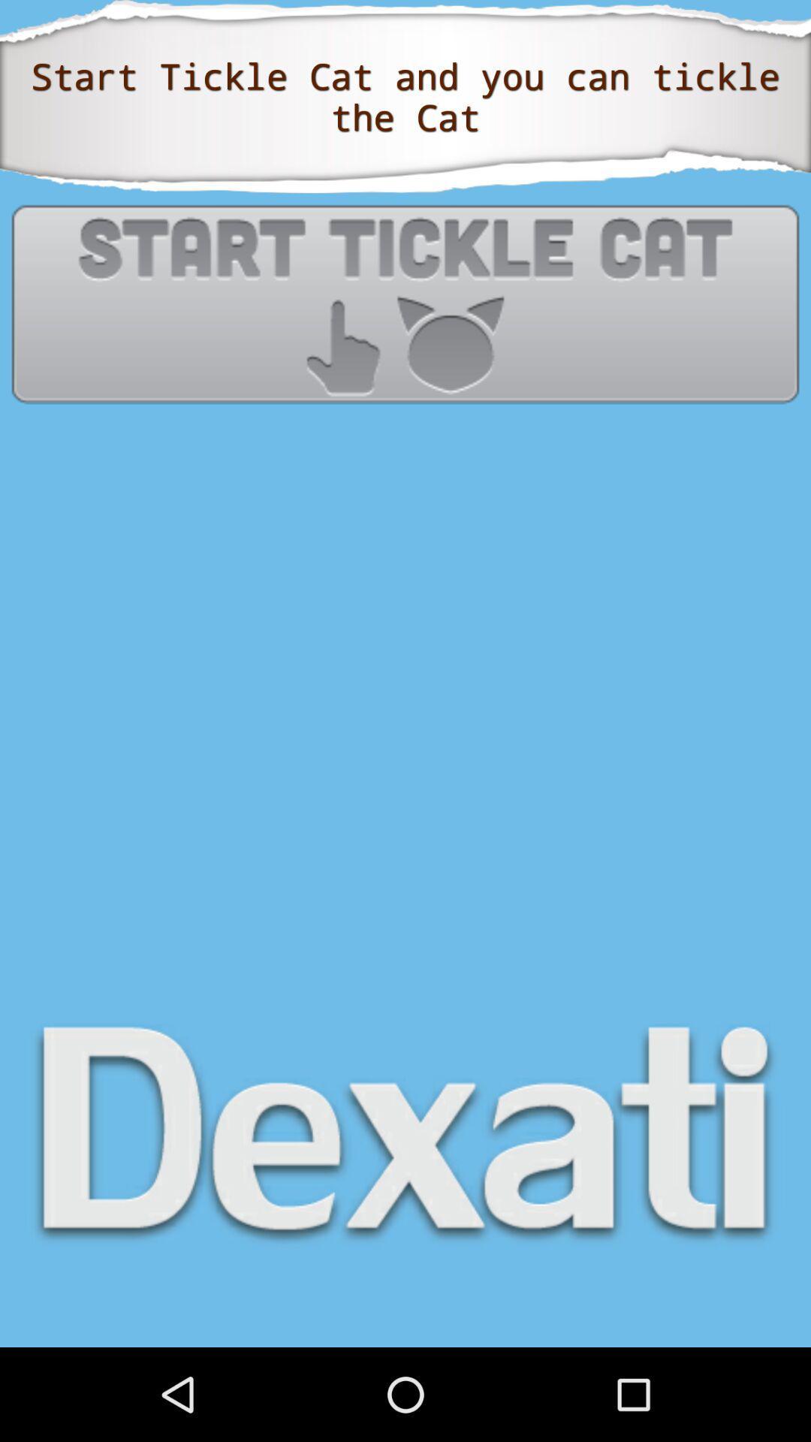 The width and height of the screenshot is (811, 1442). Describe the element at coordinates (405, 303) in the screenshot. I see `to start the app` at that location.